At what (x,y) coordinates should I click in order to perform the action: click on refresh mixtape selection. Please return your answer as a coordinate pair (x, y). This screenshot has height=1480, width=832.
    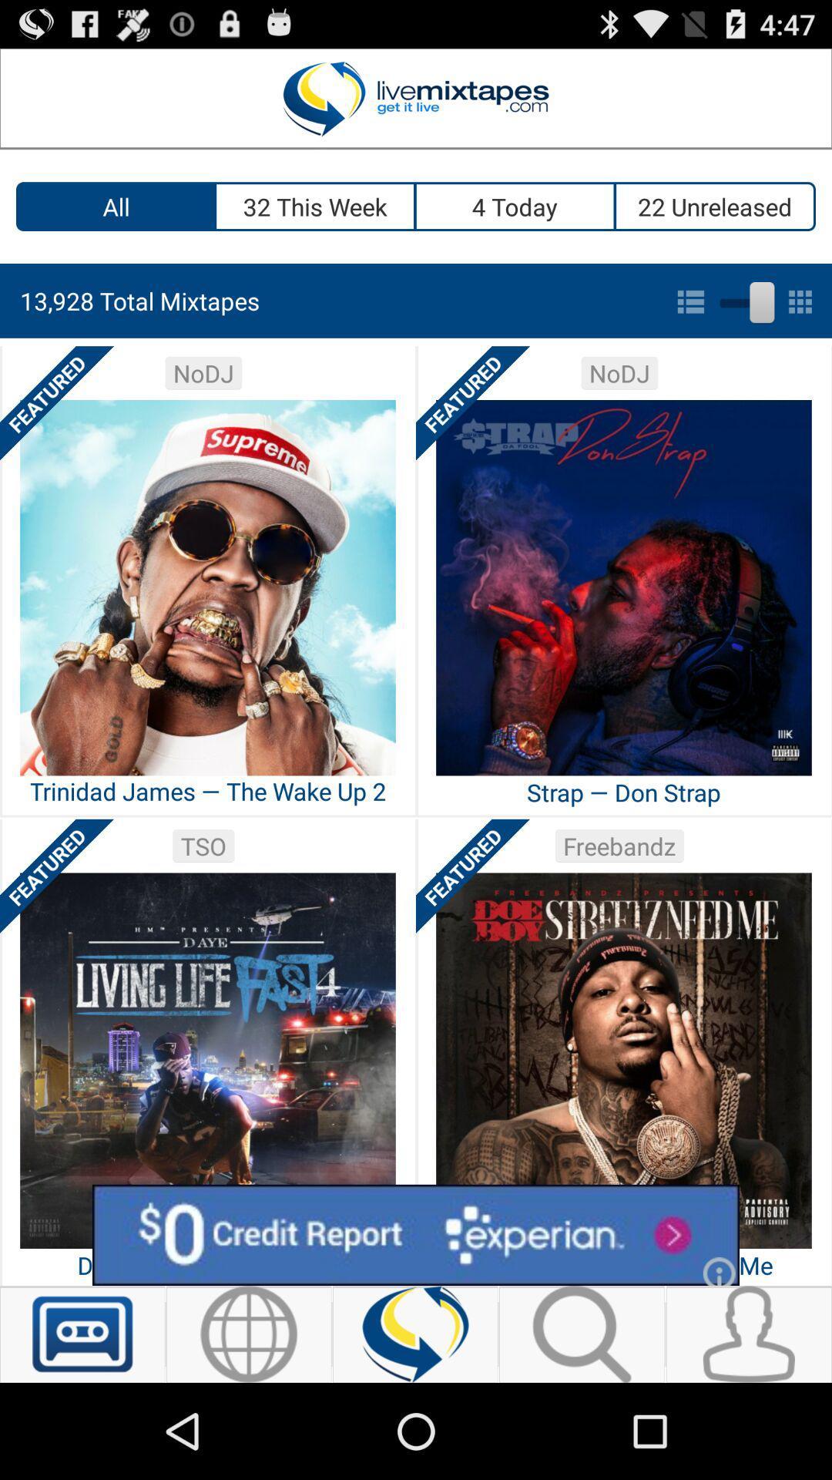
    Looking at the image, I should click on (414, 1334).